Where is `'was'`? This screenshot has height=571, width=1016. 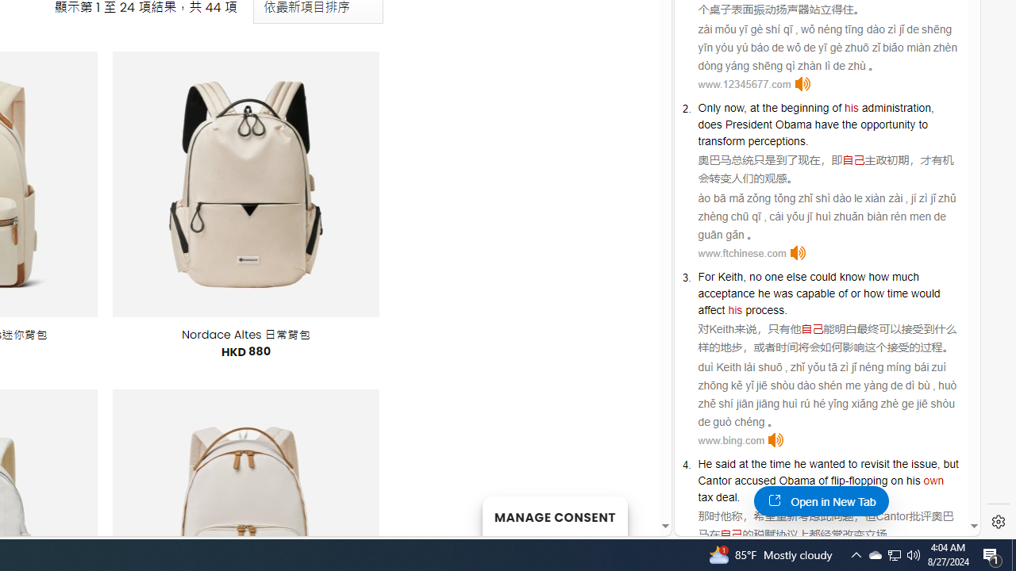
'was' is located at coordinates (783, 293).